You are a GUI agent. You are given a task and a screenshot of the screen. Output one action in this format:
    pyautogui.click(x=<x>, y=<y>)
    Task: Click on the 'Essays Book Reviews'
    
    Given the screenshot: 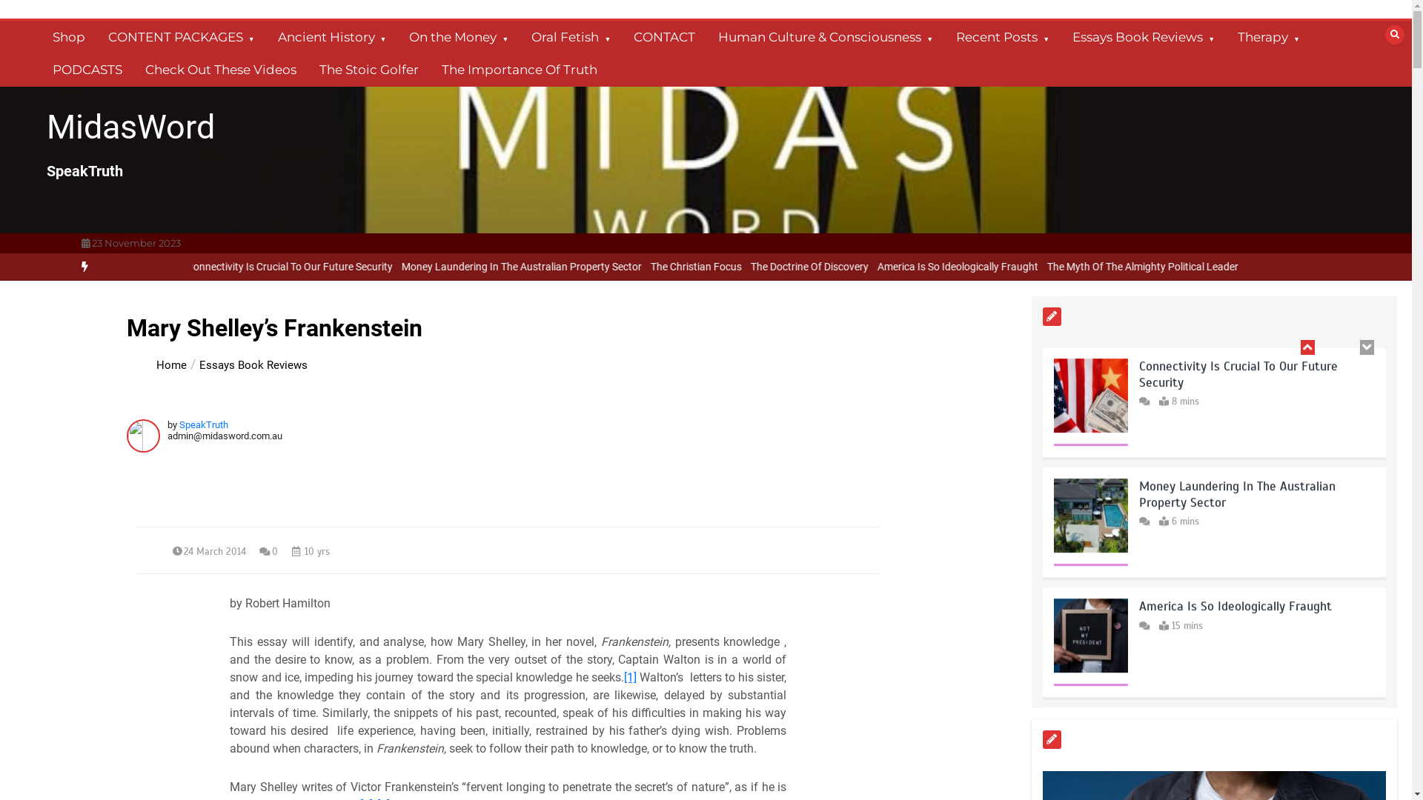 What is the action you would take?
    pyautogui.click(x=1142, y=36)
    